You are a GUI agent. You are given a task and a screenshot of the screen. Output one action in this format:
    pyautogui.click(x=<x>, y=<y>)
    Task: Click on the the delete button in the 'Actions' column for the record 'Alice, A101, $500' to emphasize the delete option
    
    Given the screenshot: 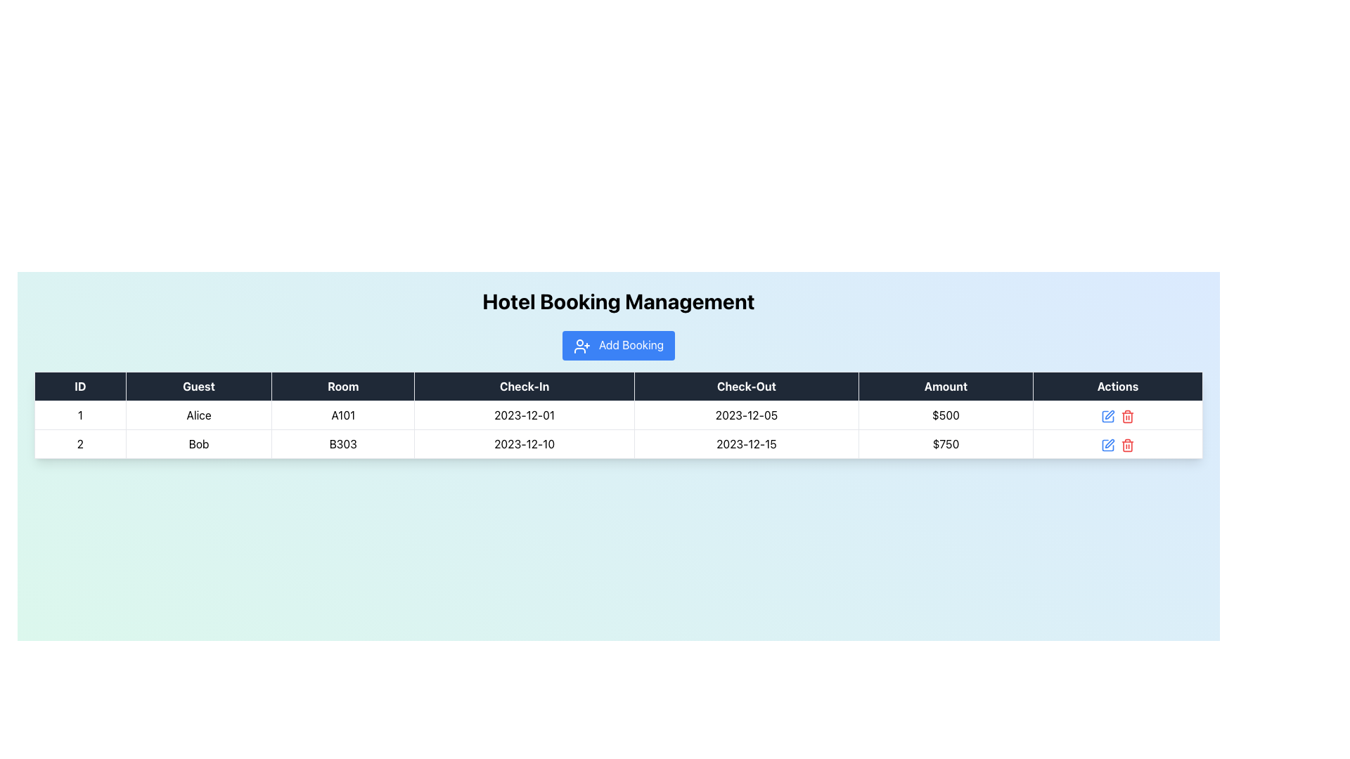 What is the action you would take?
    pyautogui.click(x=1127, y=414)
    